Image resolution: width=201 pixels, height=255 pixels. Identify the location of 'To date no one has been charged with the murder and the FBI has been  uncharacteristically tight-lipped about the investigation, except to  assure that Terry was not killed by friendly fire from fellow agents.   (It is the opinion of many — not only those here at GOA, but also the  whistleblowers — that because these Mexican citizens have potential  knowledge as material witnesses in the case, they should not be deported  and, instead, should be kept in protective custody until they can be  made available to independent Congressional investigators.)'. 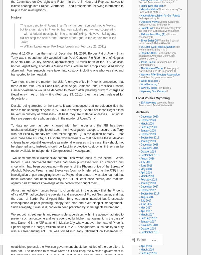
(67, 138).